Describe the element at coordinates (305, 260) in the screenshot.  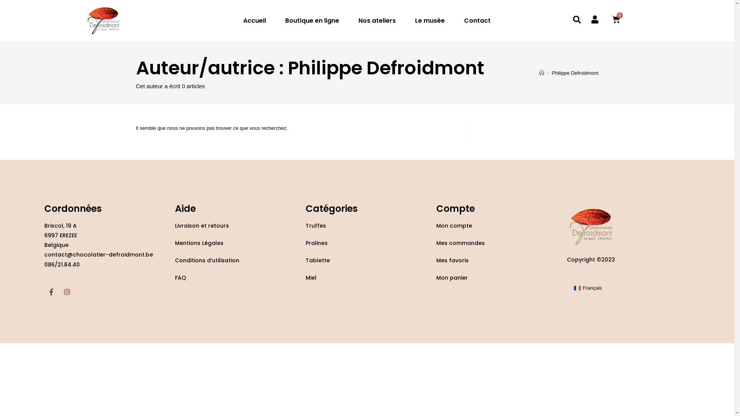
I see `'Tablette'` at that location.